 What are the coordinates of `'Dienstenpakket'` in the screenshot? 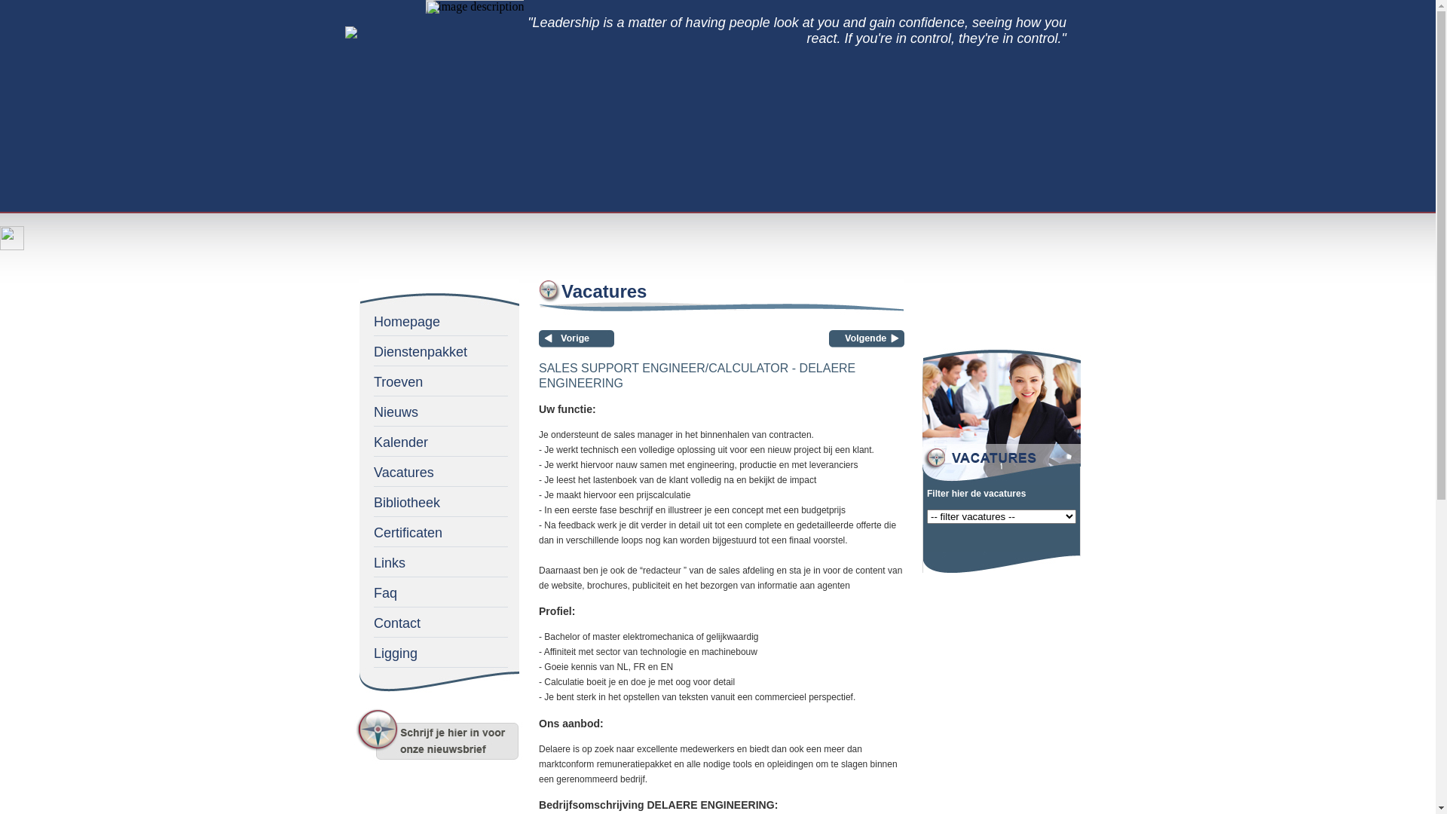 It's located at (438, 348).